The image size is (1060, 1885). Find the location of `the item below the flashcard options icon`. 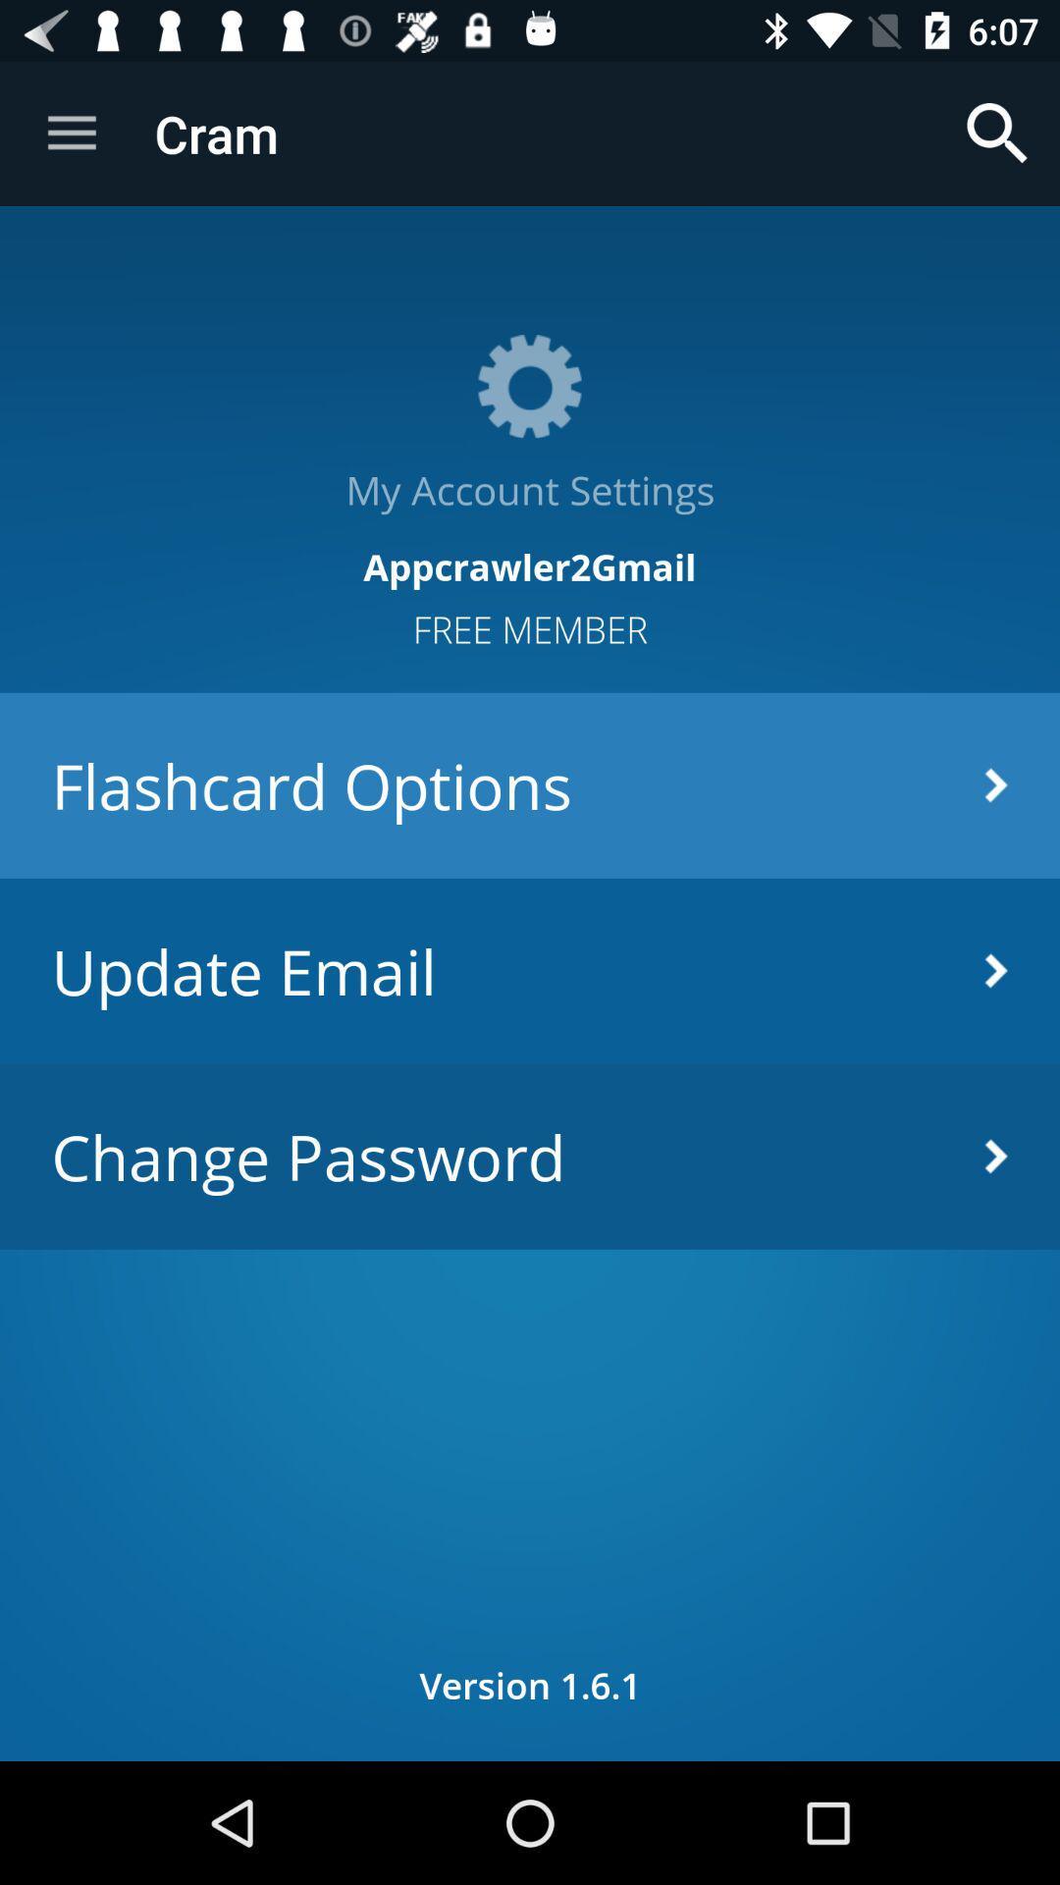

the item below the flashcard options icon is located at coordinates (530, 971).